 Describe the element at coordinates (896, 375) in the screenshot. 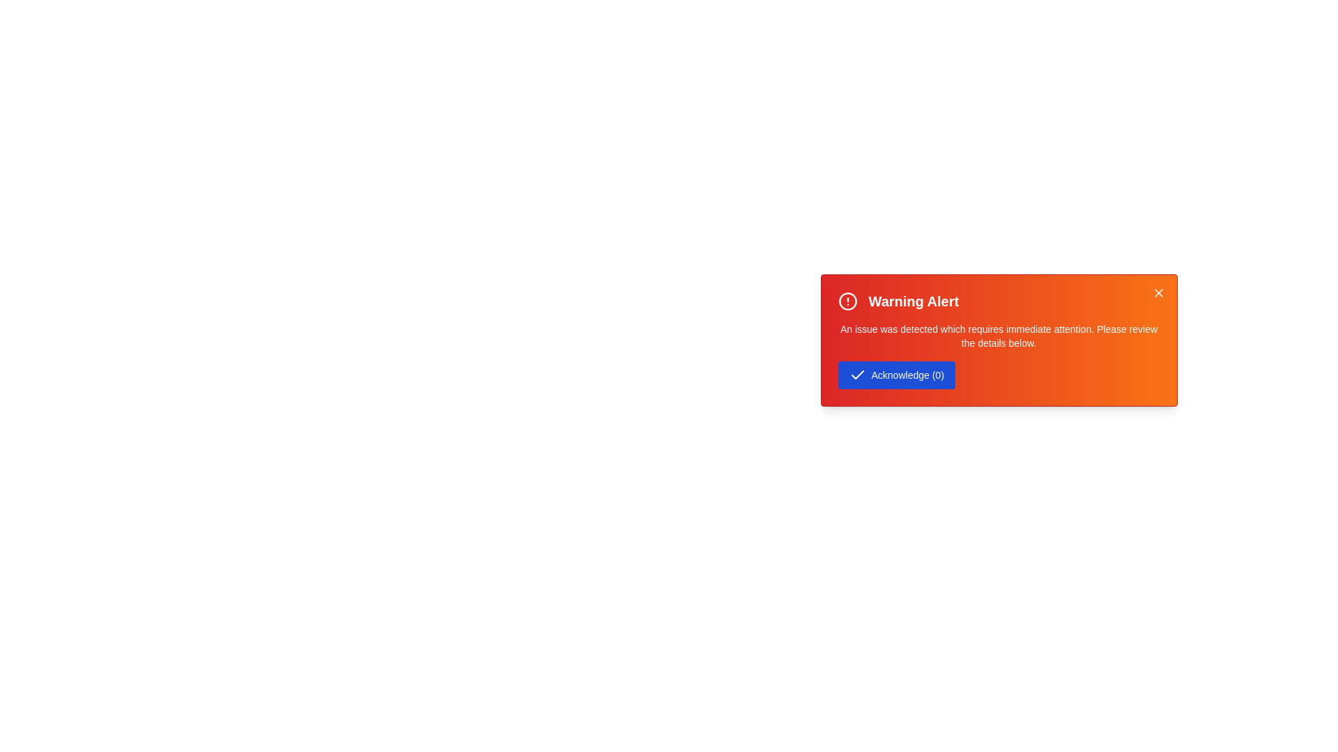

I see `'Acknowledge' button to increment the interaction count` at that location.